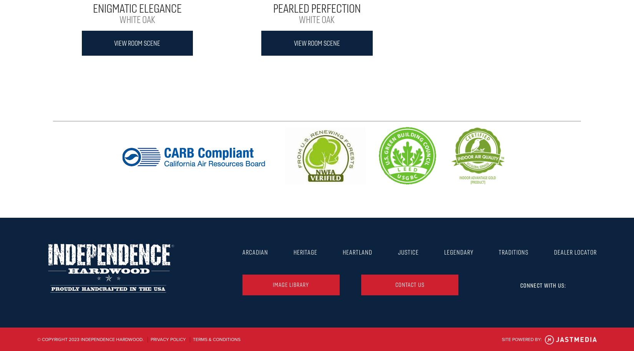 This screenshot has width=634, height=351. I want to click on 'Dealer Locator', so click(574, 252).